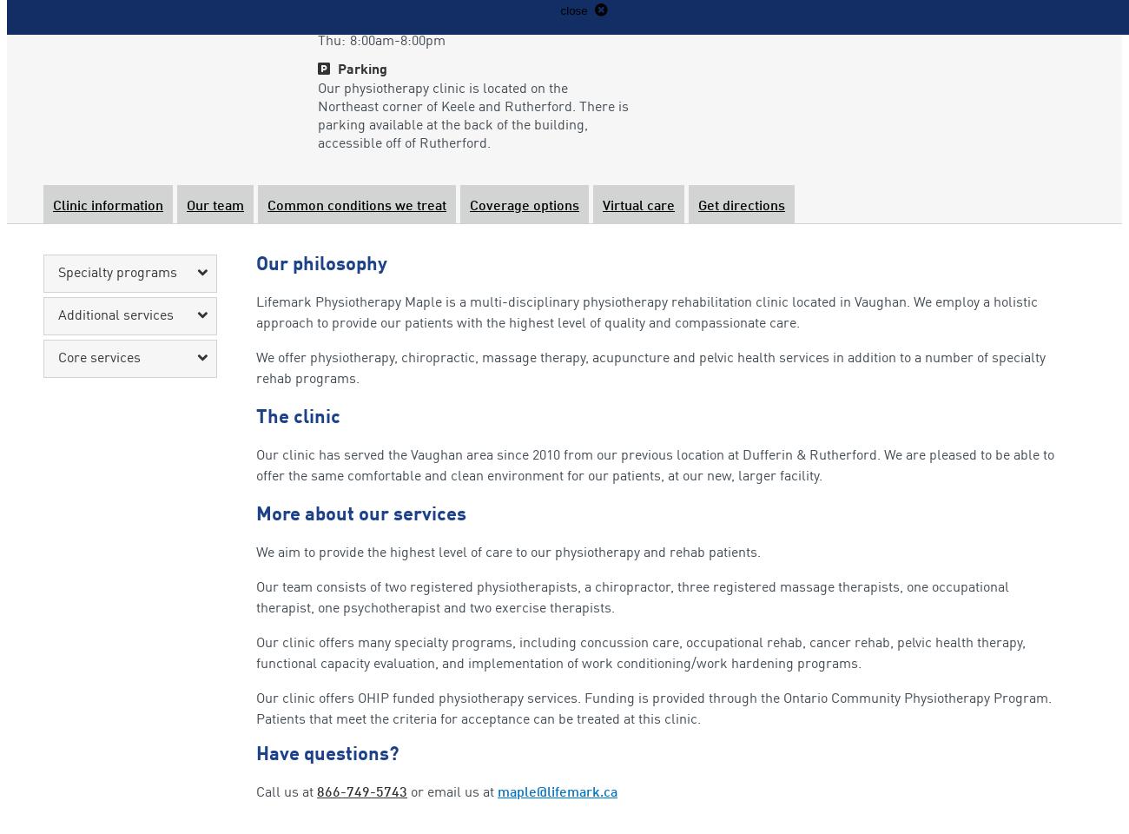 Image resolution: width=1129 pixels, height=834 pixels. What do you see at coordinates (574, 10) in the screenshot?
I see `'close'` at bounding box center [574, 10].